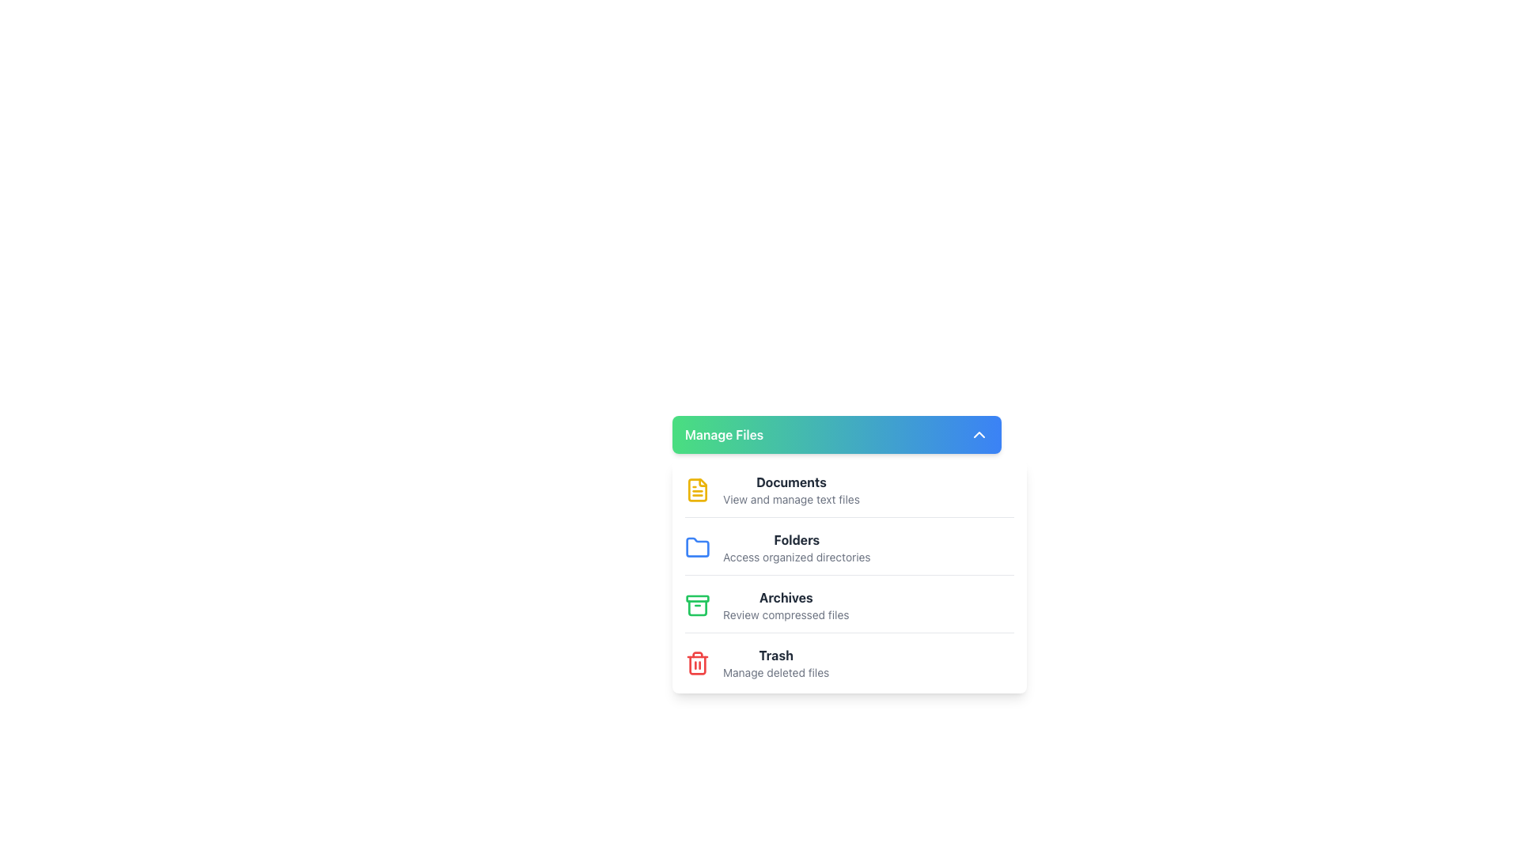 Image resolution: width=1519 pixels, height=854 pixels. I want to click on the Static Text Label located below the bold title 'Trash', which provides information about managing deleted files, so click(776, 673).